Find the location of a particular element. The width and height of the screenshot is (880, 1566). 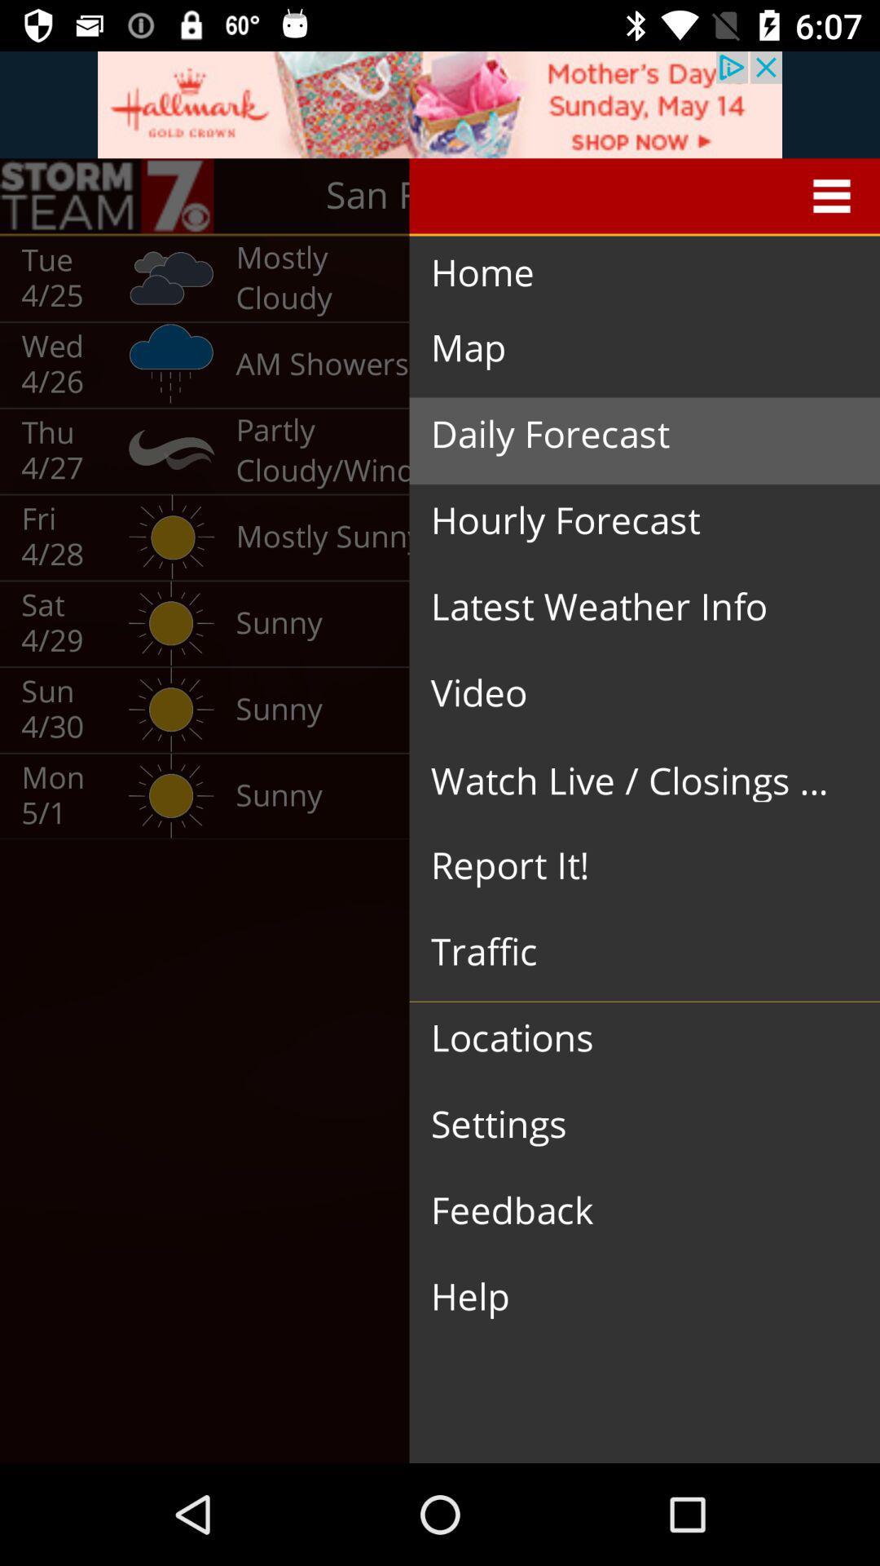

the traffic icon is located at coordinates (631, 953).